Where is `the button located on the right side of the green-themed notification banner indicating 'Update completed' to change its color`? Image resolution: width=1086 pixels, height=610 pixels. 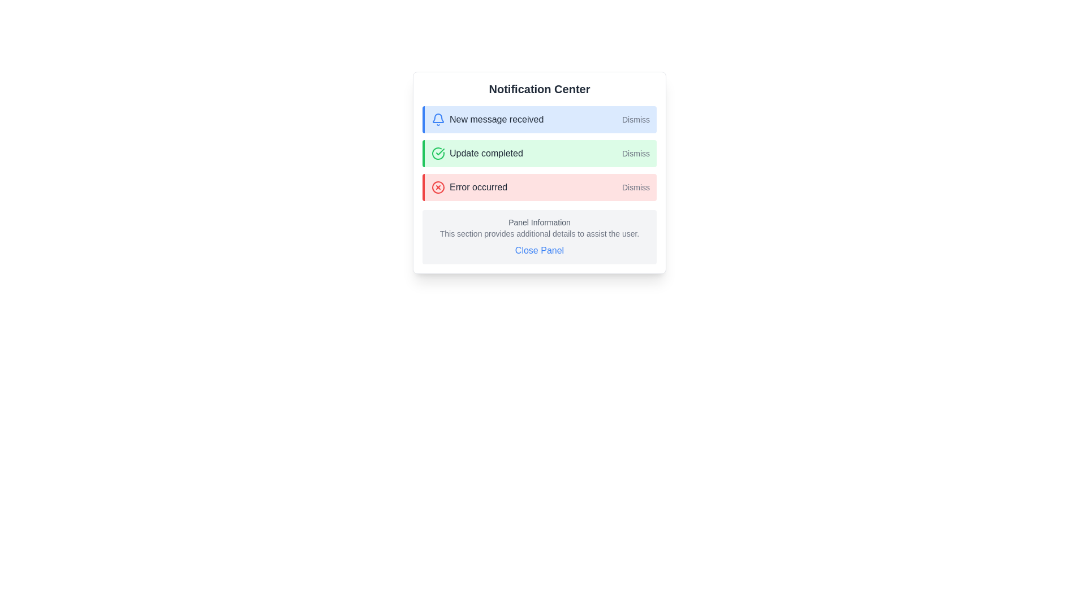 the button located on the right side of the green-themed notification banner indicating 'Update completed' to change its color is located at coordinates (636, 154).